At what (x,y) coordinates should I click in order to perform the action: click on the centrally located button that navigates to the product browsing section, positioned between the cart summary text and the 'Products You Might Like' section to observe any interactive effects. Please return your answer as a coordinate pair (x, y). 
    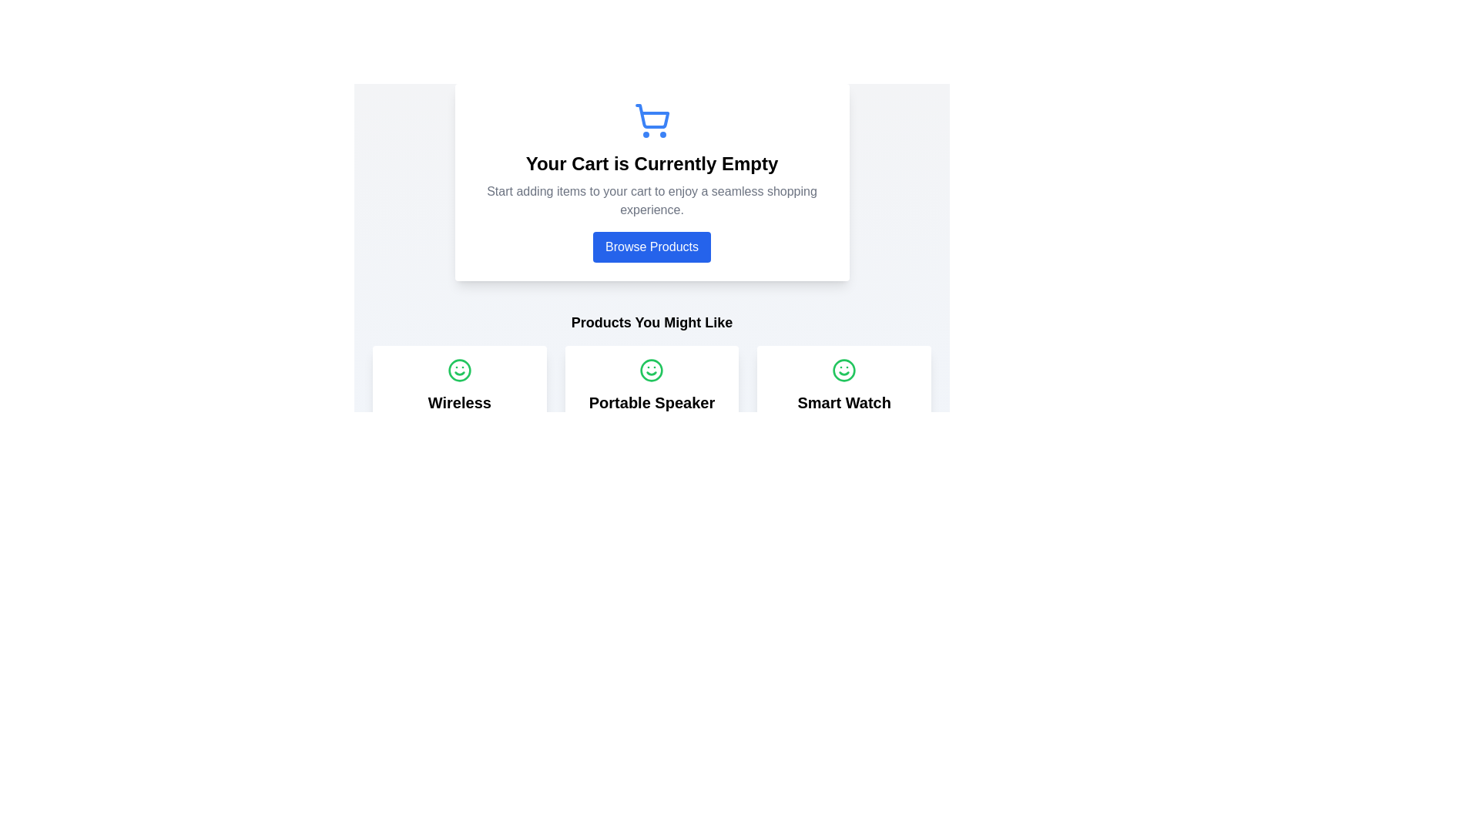
    Looking at the image, I should click on (652, 238).